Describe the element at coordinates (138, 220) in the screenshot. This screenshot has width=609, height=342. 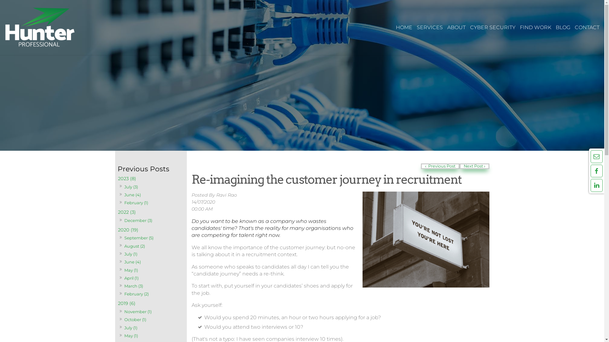
I see `'December (3)'` at that location.